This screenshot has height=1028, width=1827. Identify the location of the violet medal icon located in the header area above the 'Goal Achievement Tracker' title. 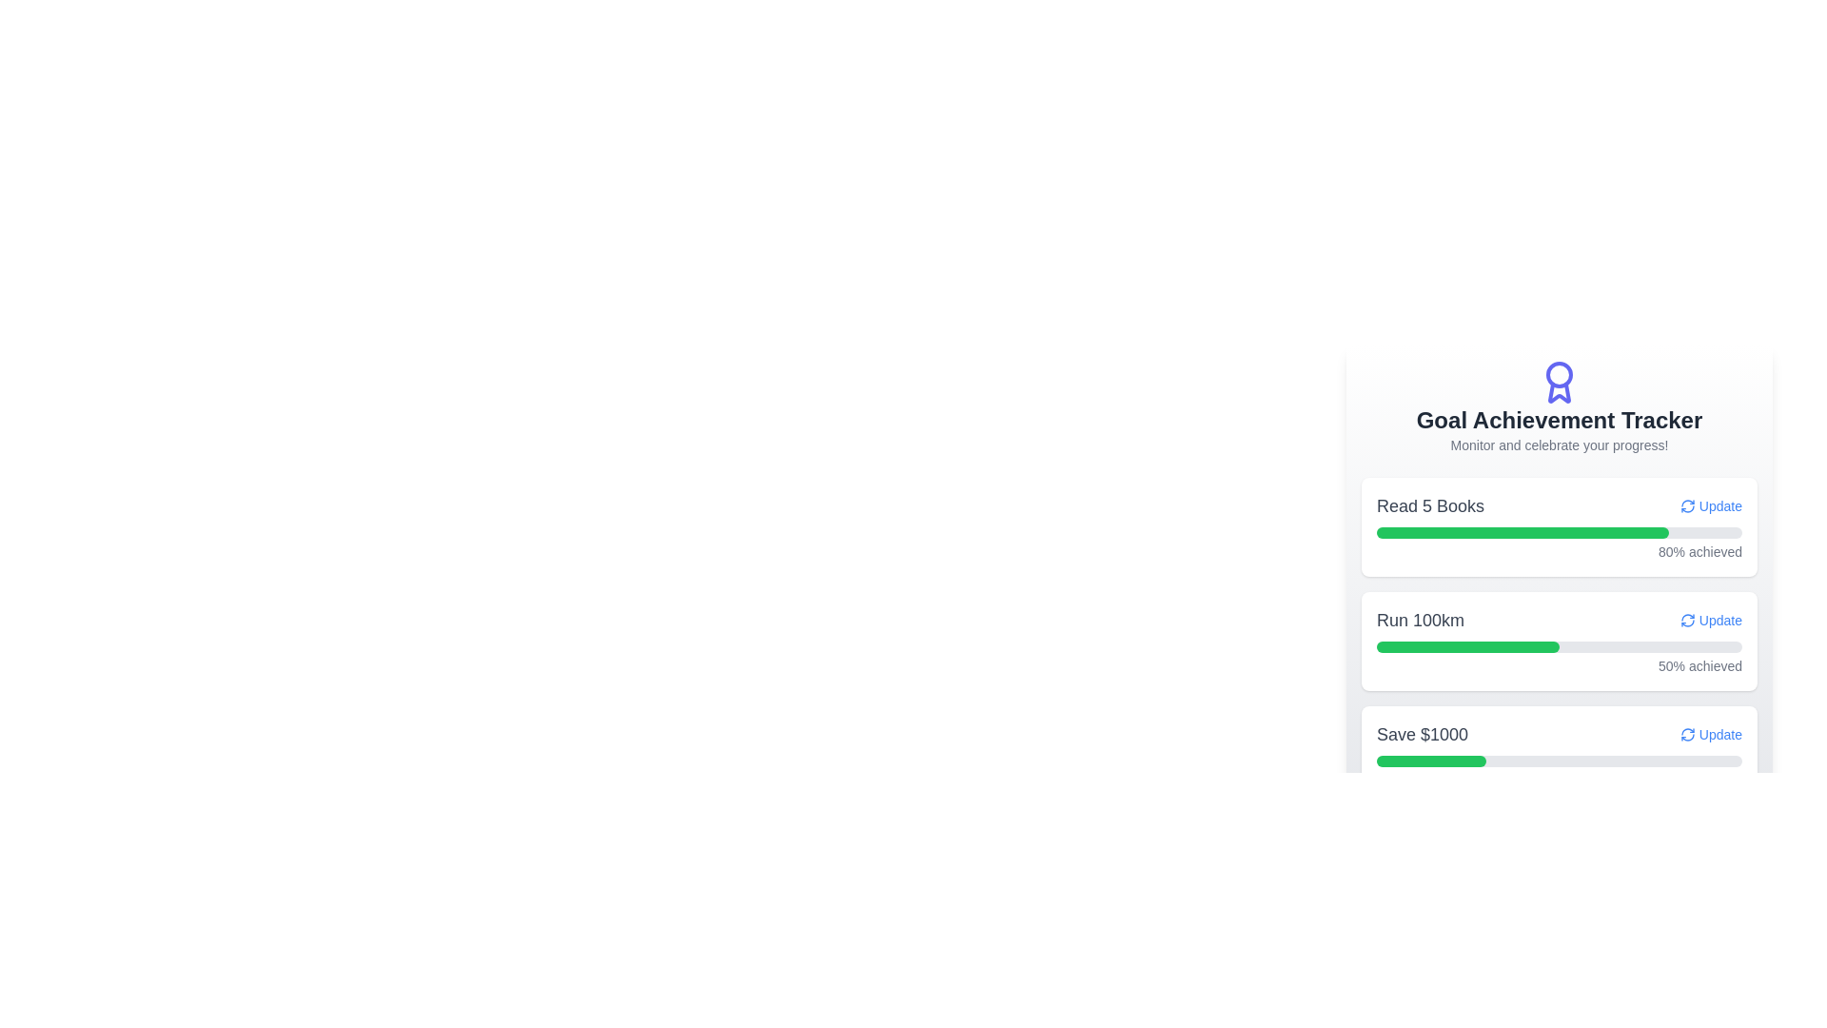
(1559, 382).